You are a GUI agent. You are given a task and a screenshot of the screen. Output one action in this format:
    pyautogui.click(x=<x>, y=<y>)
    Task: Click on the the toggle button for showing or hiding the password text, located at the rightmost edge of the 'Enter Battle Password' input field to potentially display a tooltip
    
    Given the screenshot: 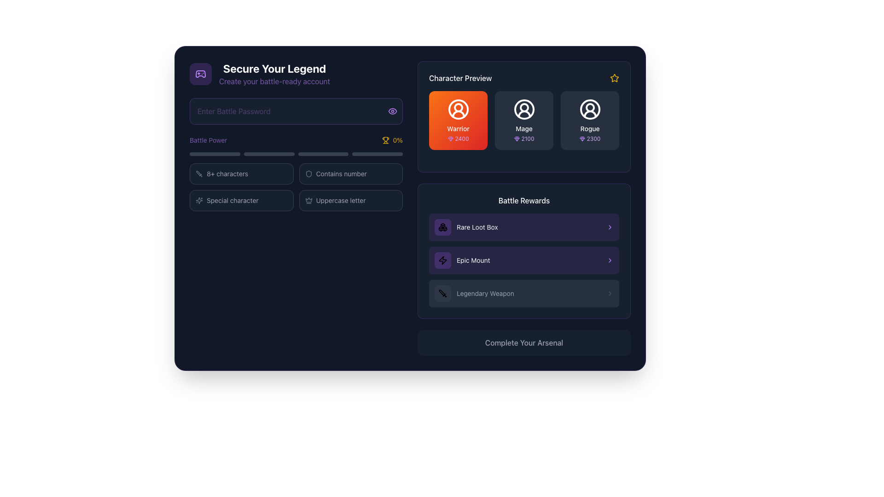 What is the action you would take?
    pyautogui.click(x=393, y=111)
    